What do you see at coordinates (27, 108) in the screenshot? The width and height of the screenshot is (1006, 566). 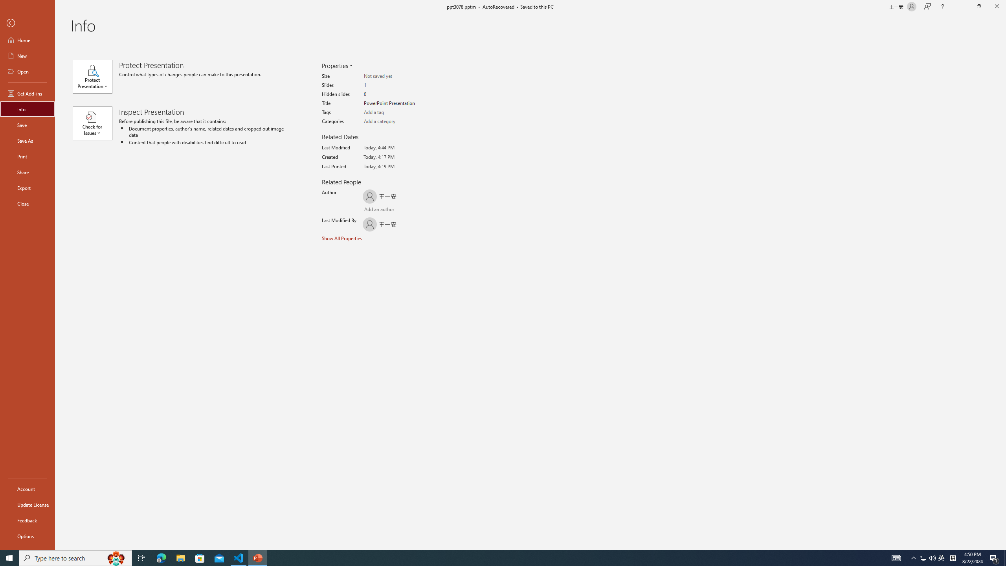 I see `'Info'` at bounding box center [27, 108].